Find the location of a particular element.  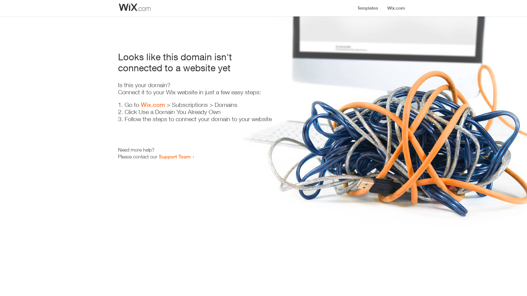

'Wix.com' is located at coordinates (153, 104).